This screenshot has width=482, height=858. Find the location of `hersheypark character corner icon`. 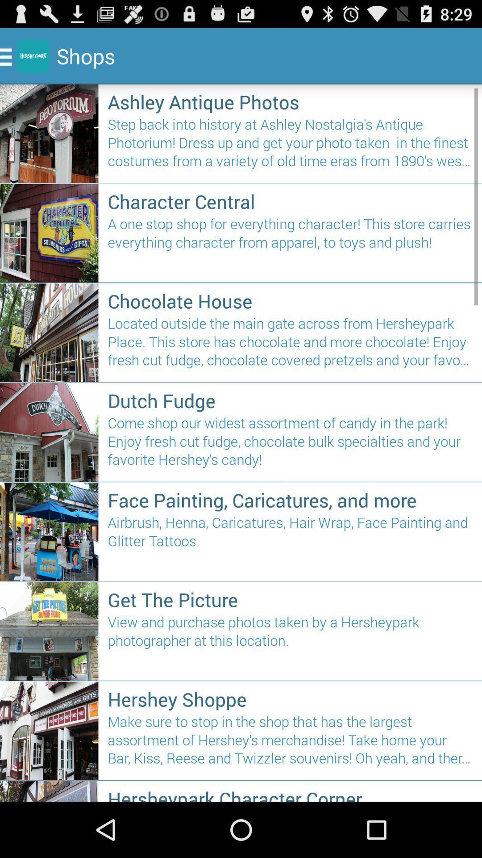

hersheypark character corner icon is located at coordinates (290, 794).